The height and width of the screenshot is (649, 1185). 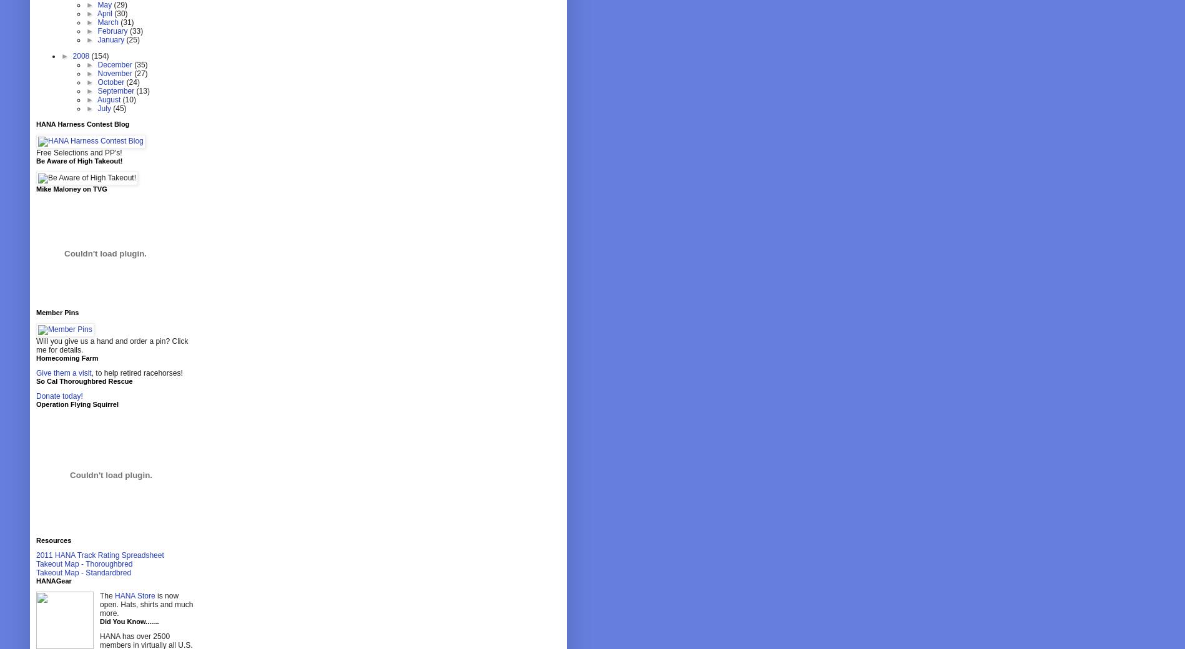 What do you see at coordinates (140, 73) in the screenshot?
I see `'(27)'` at bounding box center [140, 73].